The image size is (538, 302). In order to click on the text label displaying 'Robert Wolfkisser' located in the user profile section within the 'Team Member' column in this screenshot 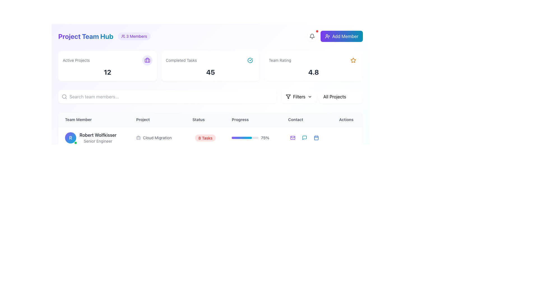, I will do `click(98, 135)`.